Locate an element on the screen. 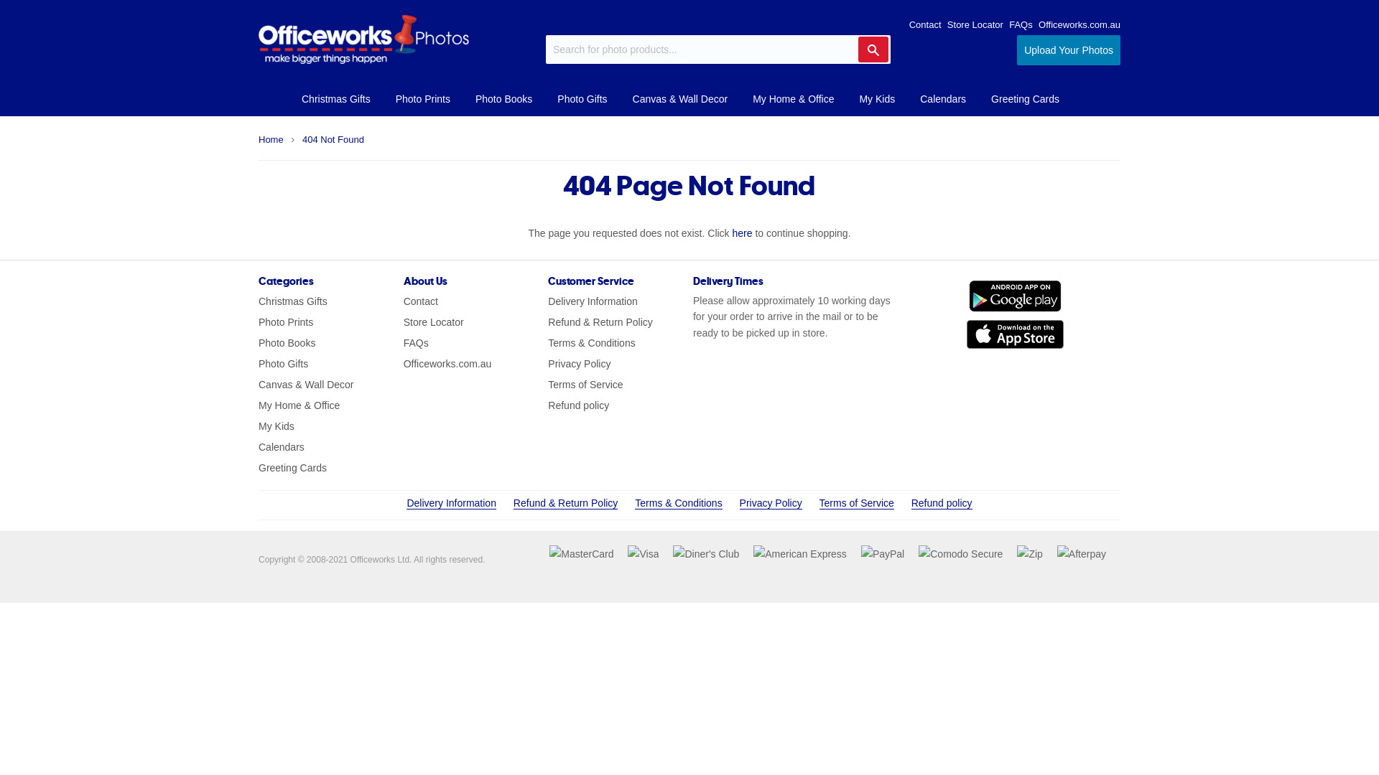 This screenshot has width=1379, height=775. 'My Home & Office' is located at coordinates (298, 405).